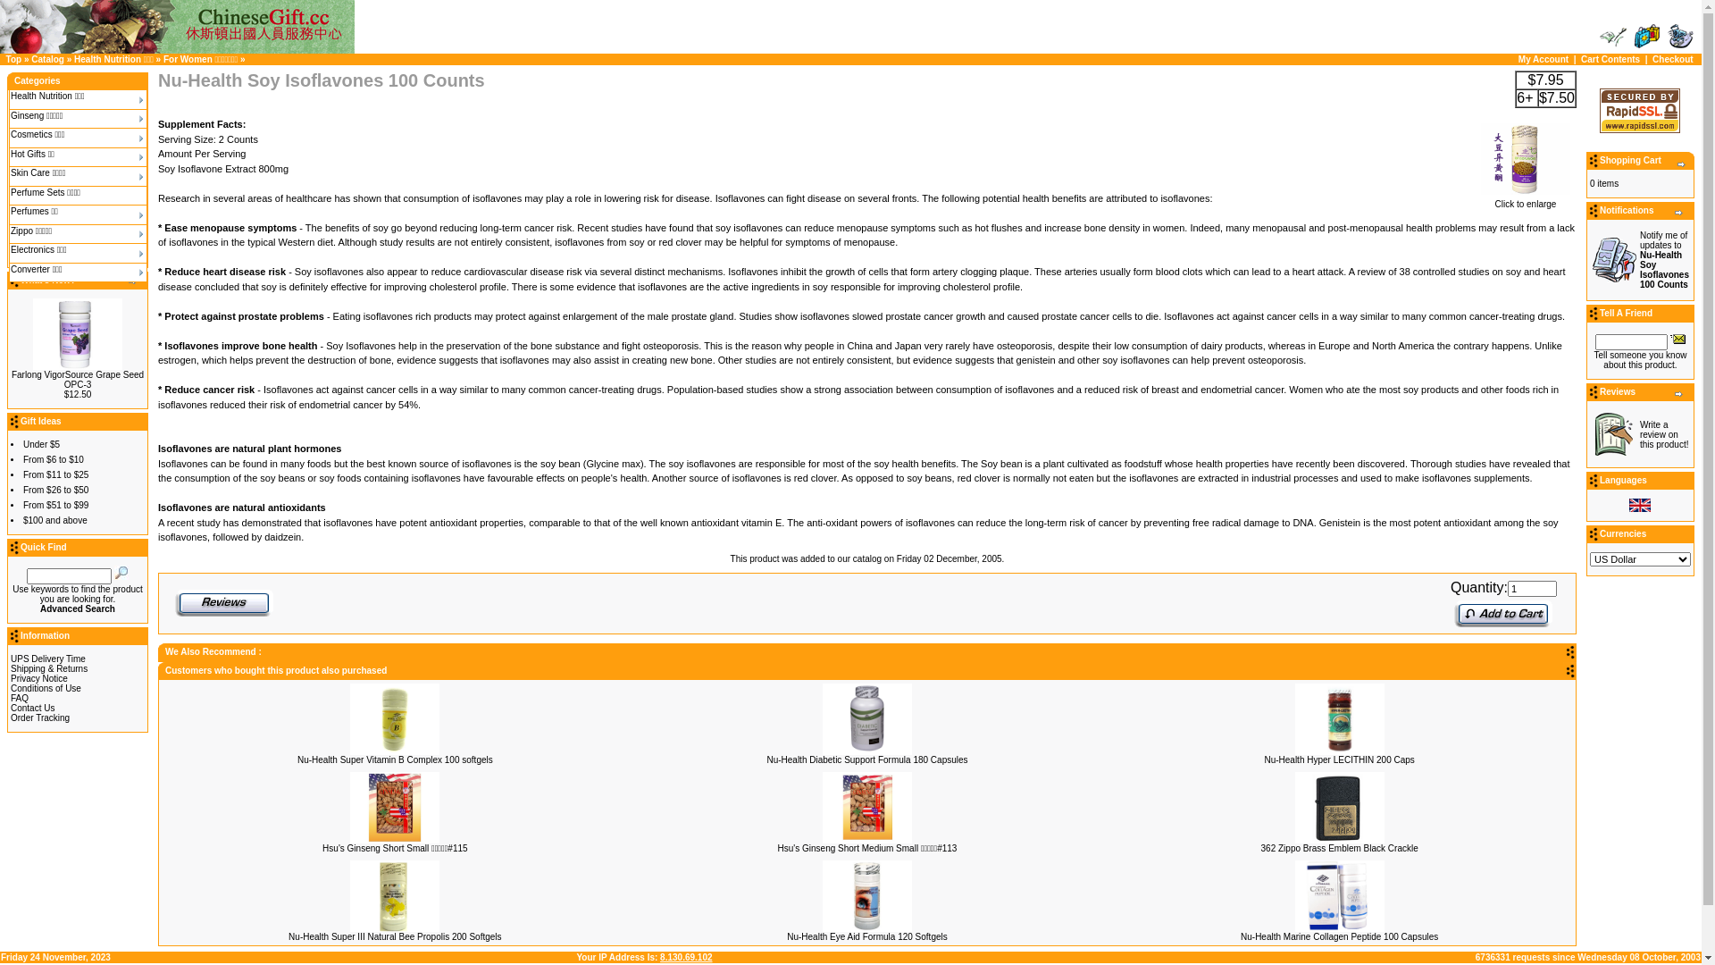 This screenshot has width=1715, height=965. What do you see at coordinates (1338, 759) in the screenshot?
I see `'Nu-Health Hyper LECITHIN 200 Caps'` at bounding box center [1338, 759].